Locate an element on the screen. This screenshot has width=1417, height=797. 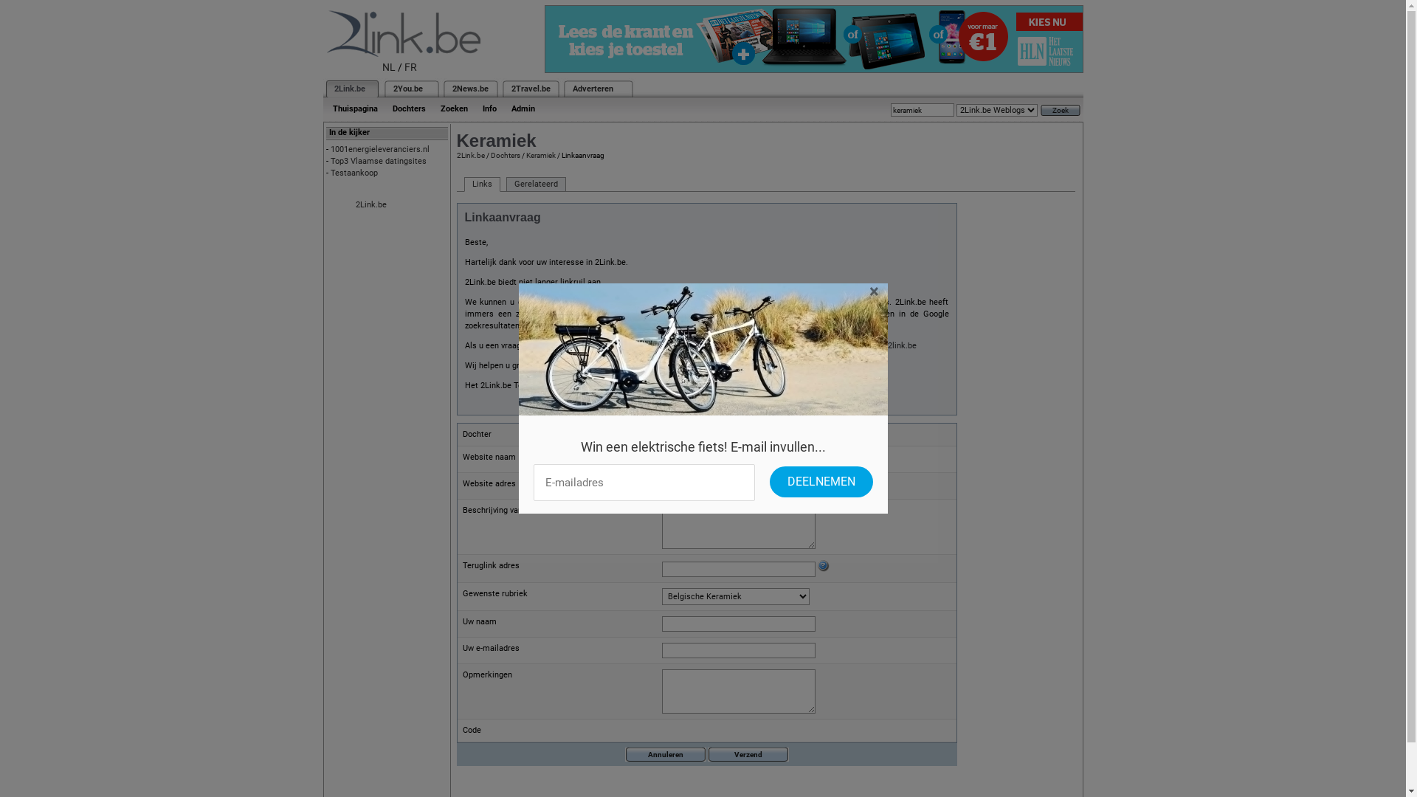
'2Link.be' is located at coordinates (371, 204).